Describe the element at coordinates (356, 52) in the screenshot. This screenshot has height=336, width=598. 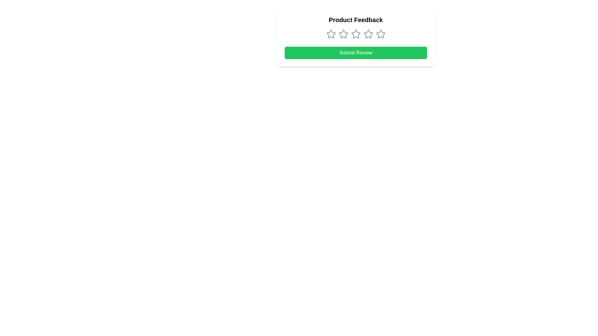
I see `the feedback submission button located at the bottom of the feedback form panel, centered horizontally and directly below the star rating icons` at that location.